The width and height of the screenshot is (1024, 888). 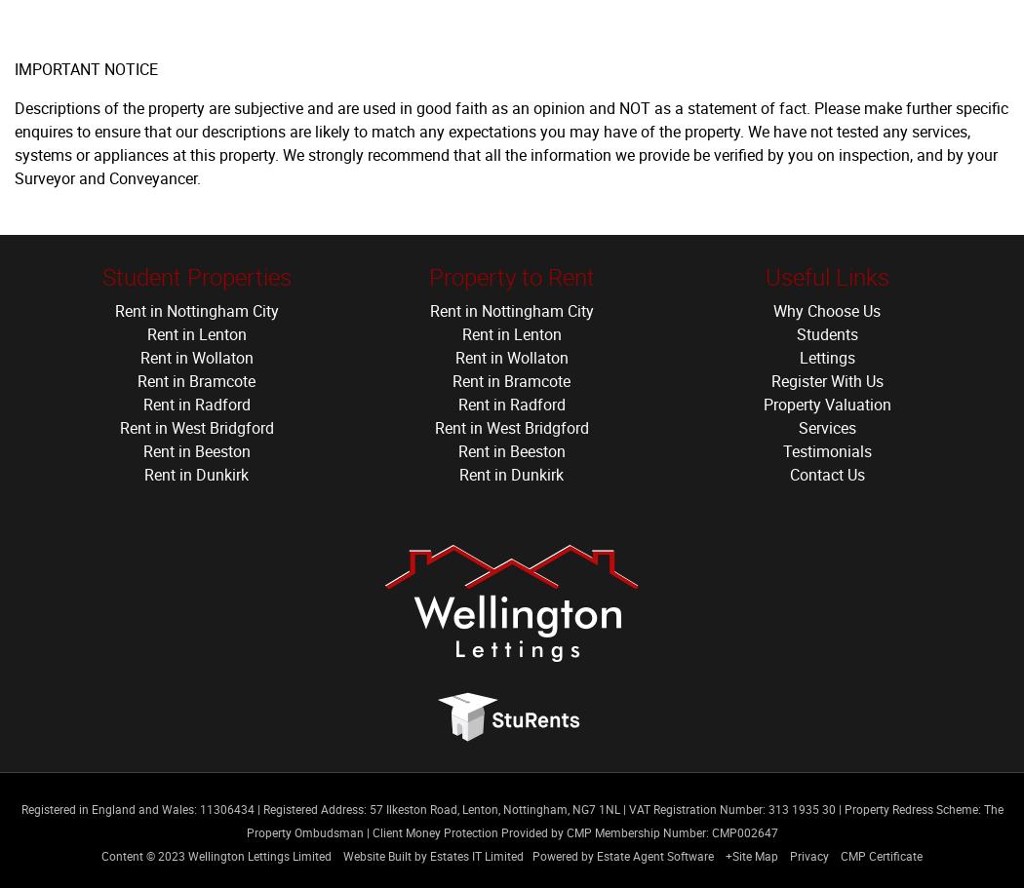 I want to click on 'Client Money Protection Provided by CMP Membership Number: CMP002647', so click(x=573, y=830).